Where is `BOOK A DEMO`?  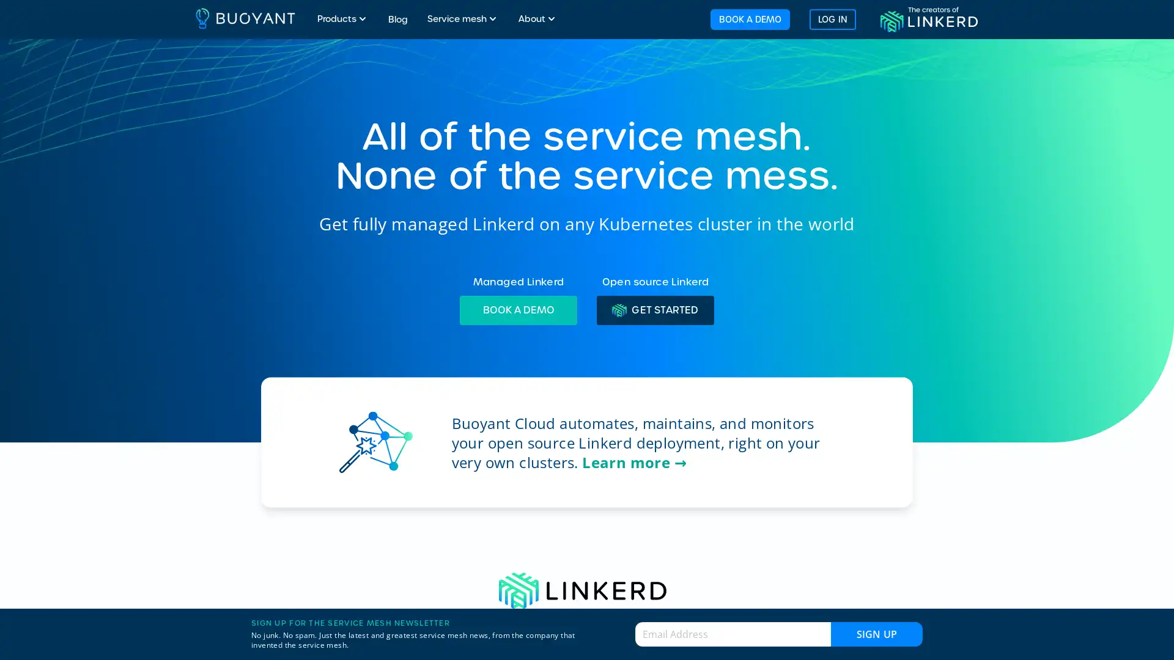
BOOK A DEMO is located at coordinates (748, 18).